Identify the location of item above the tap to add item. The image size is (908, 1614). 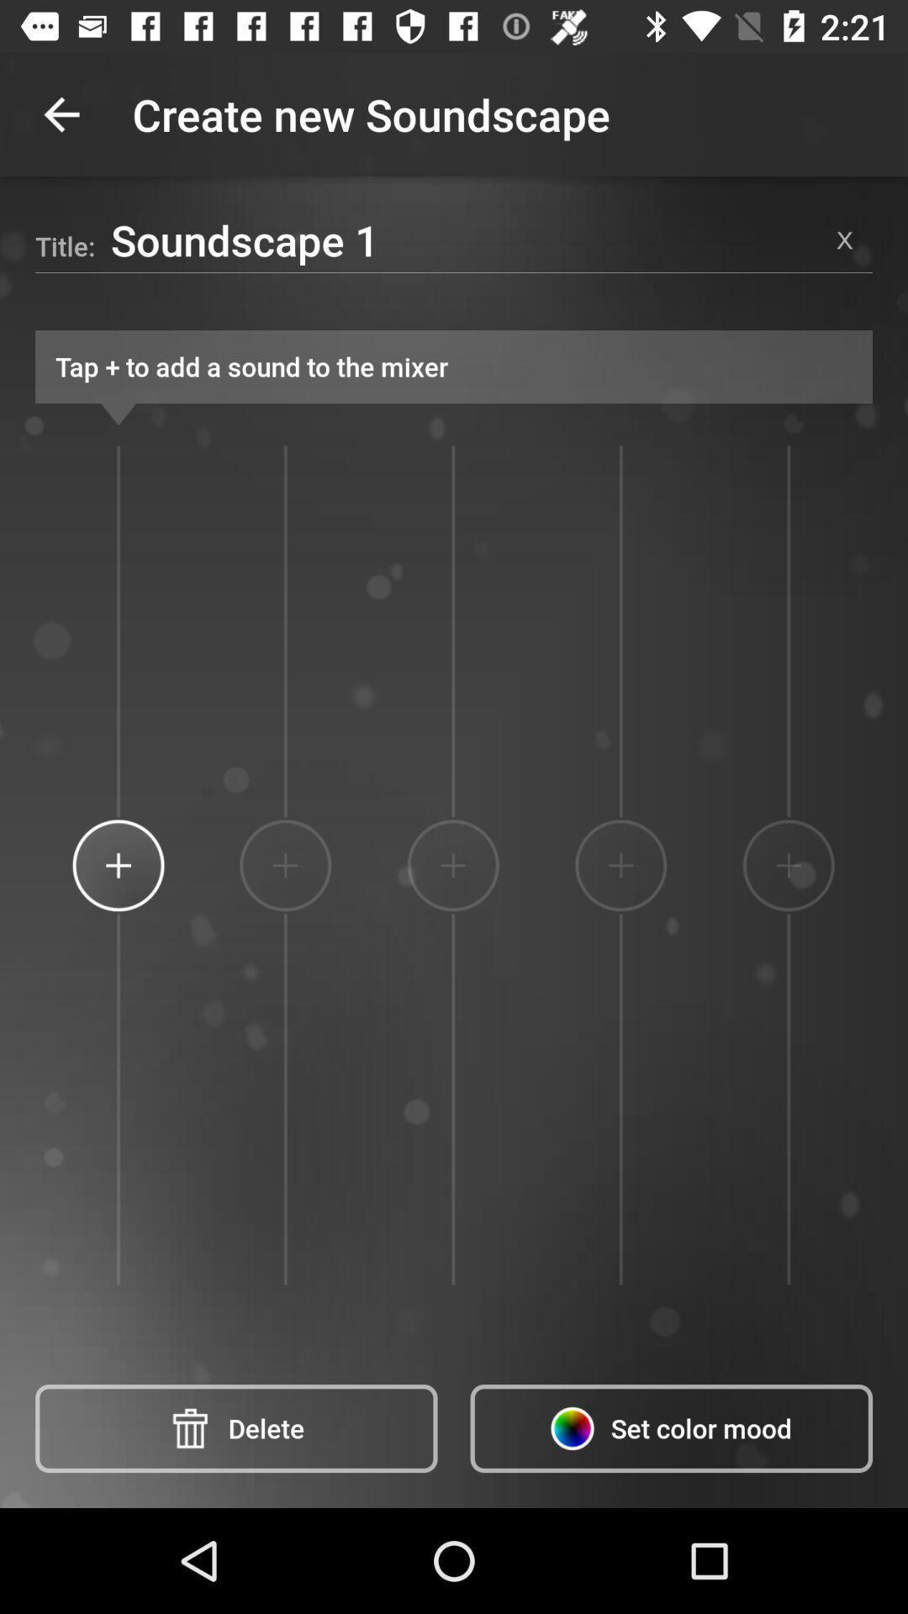
(463, 239).